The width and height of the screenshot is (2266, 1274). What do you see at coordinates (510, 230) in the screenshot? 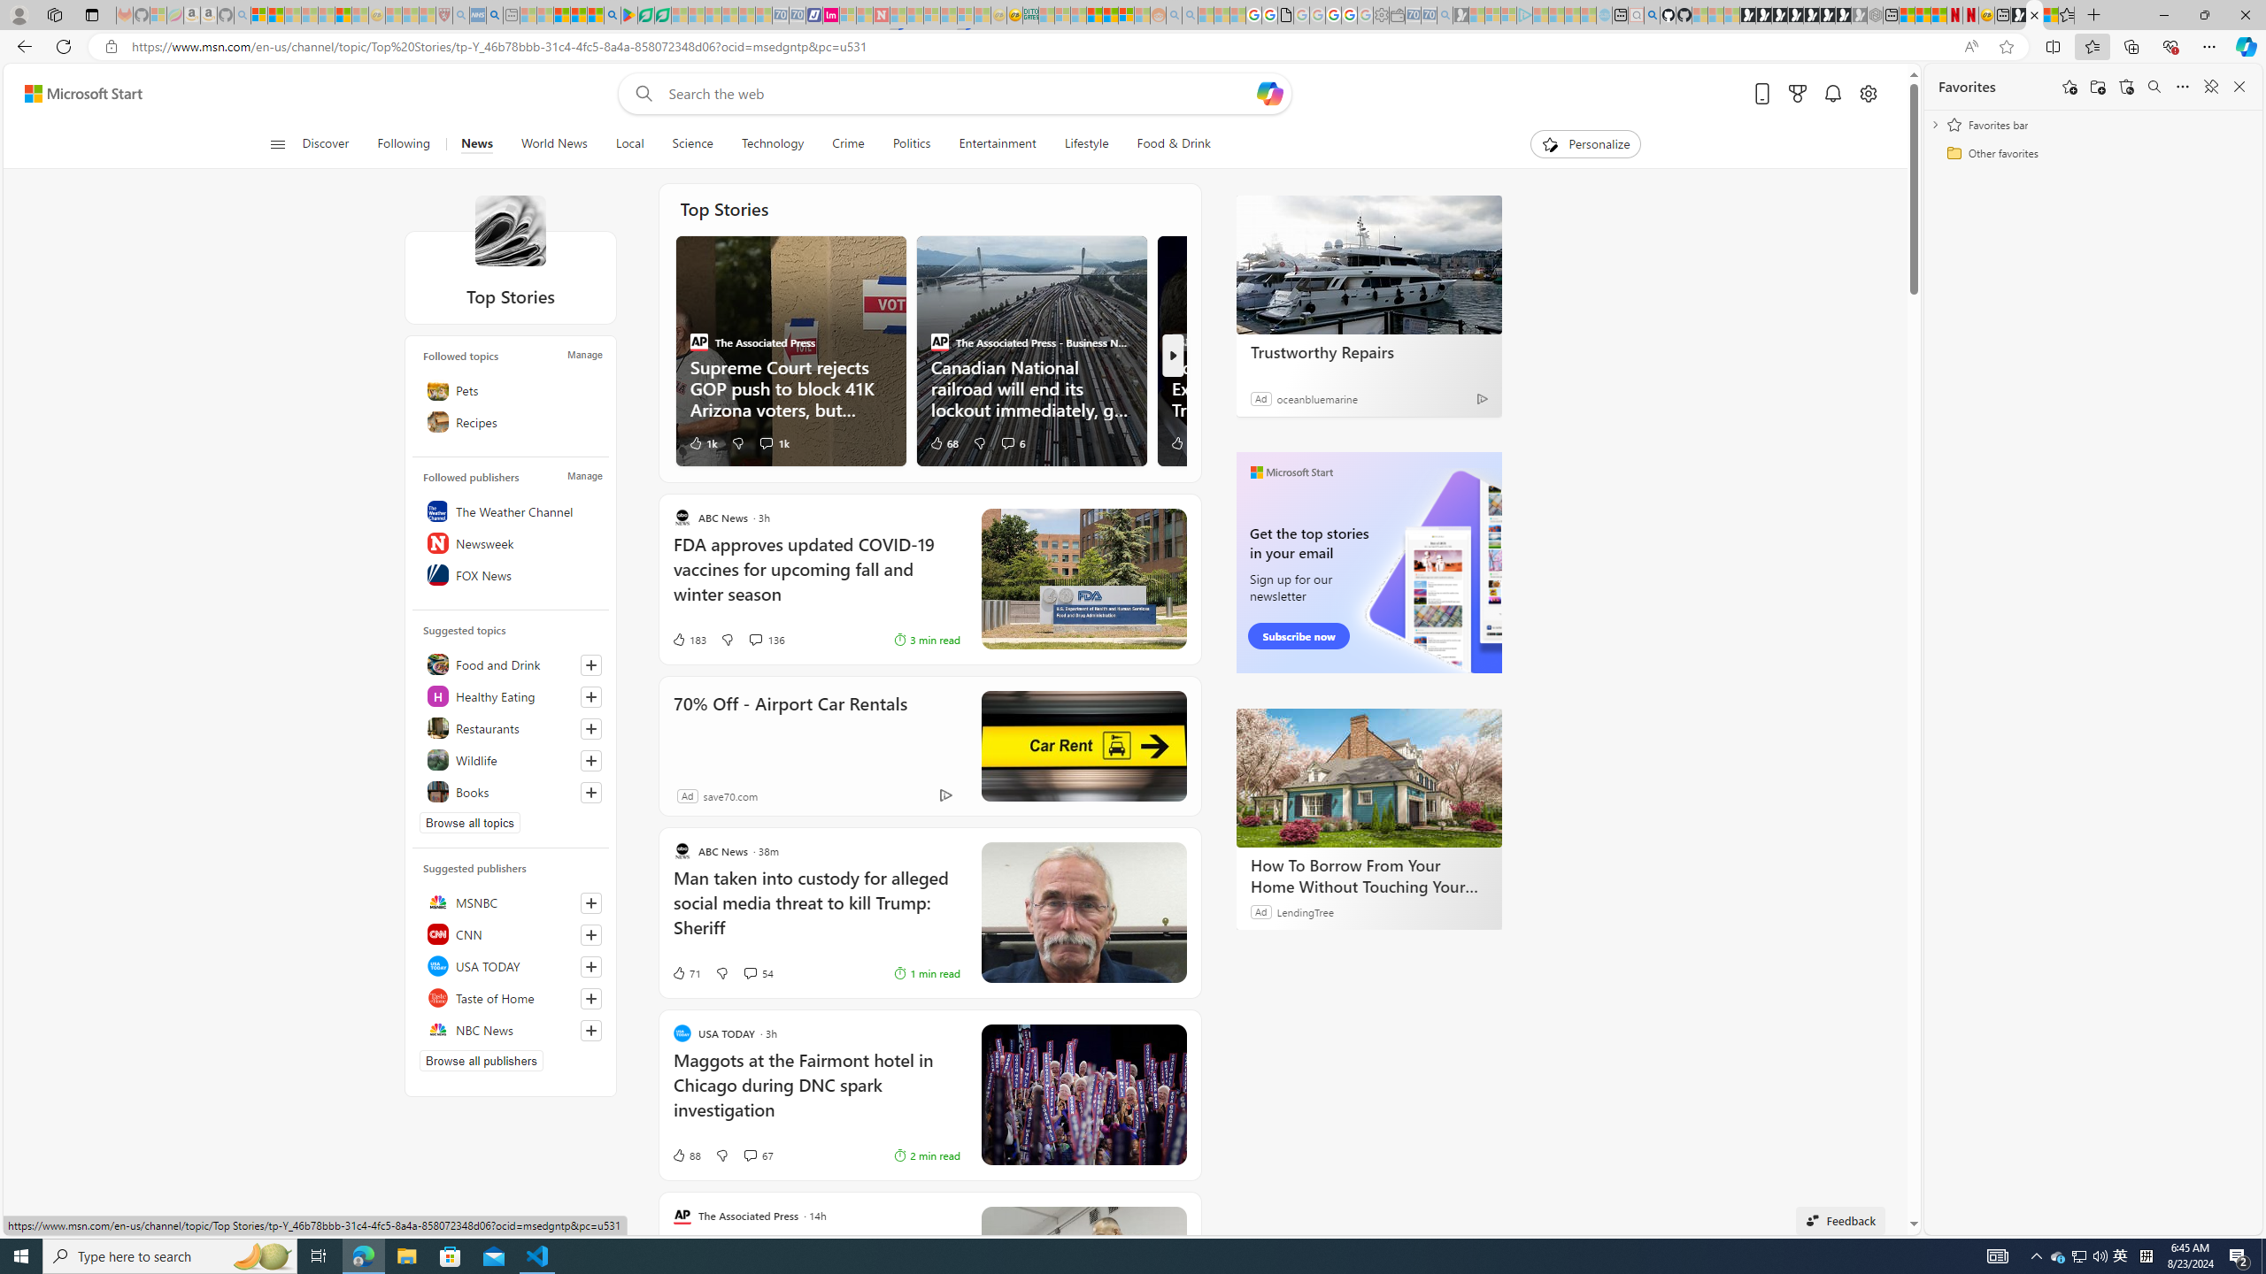
I see `'Top Stories'` at bounding box center [510, 230].